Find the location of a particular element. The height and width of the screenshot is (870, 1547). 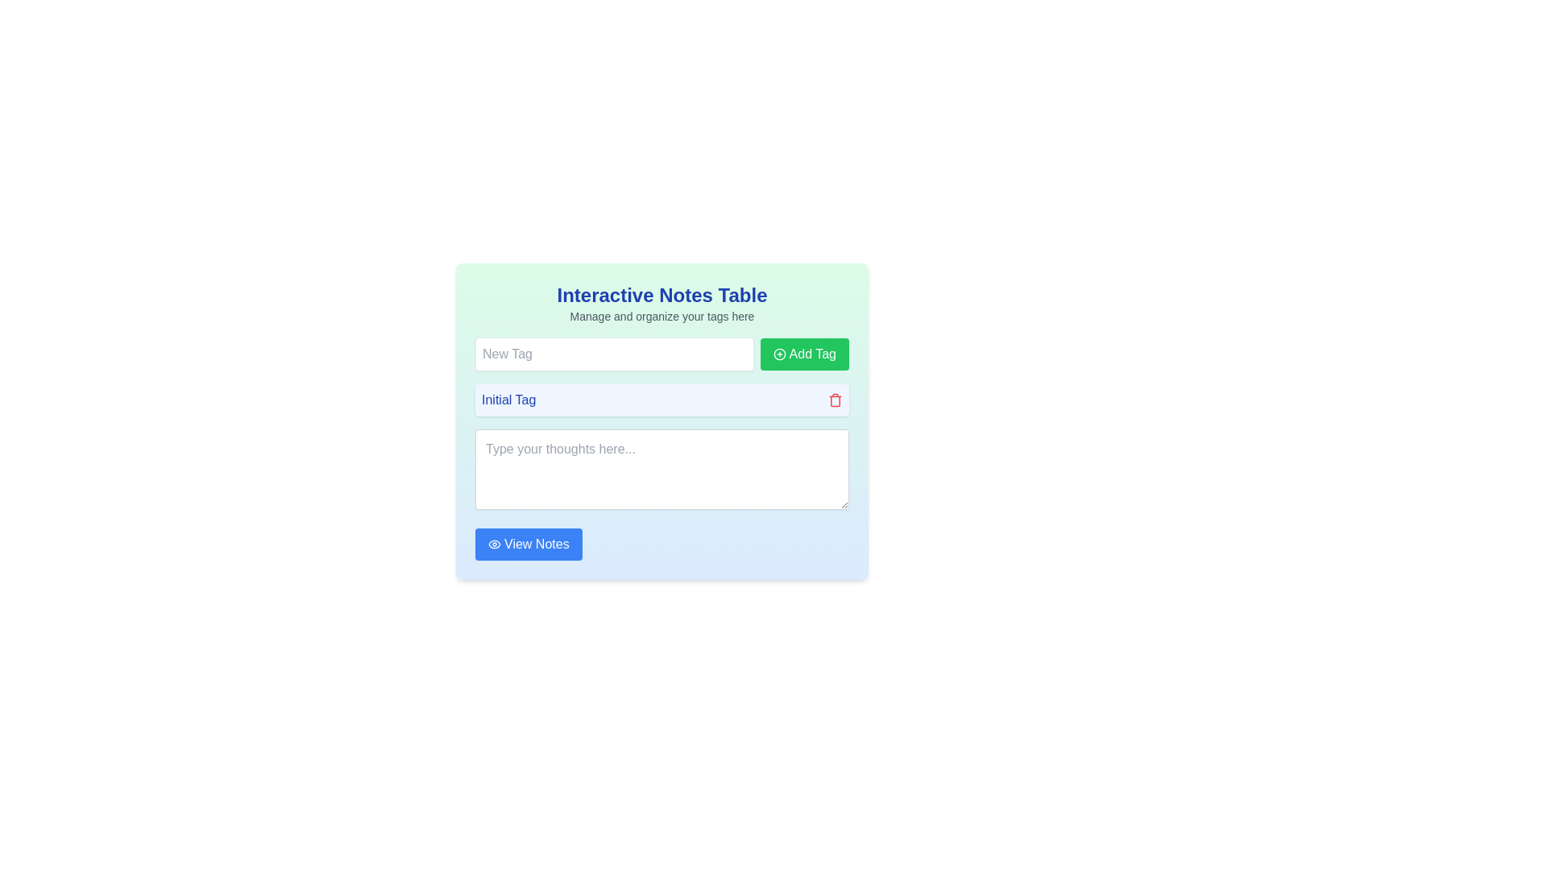

the Text Label that provides guidance below the 'Interactive Notes Table' title is located at coordinates (662, 317).